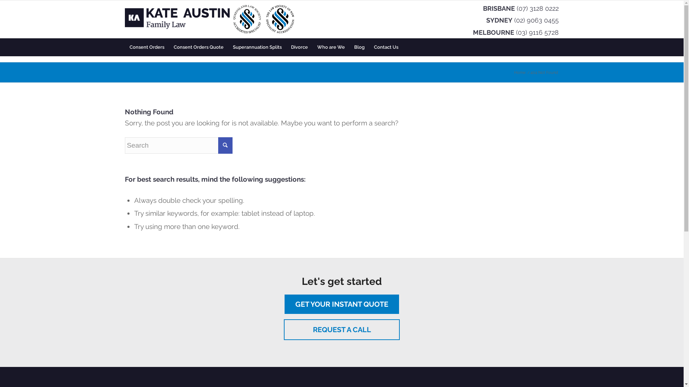  What do you see at coordinates (473, 32) in the screenshot?
I see `'MELBOURNE (03) 9116 5728'` at bounding box center [473, 32].